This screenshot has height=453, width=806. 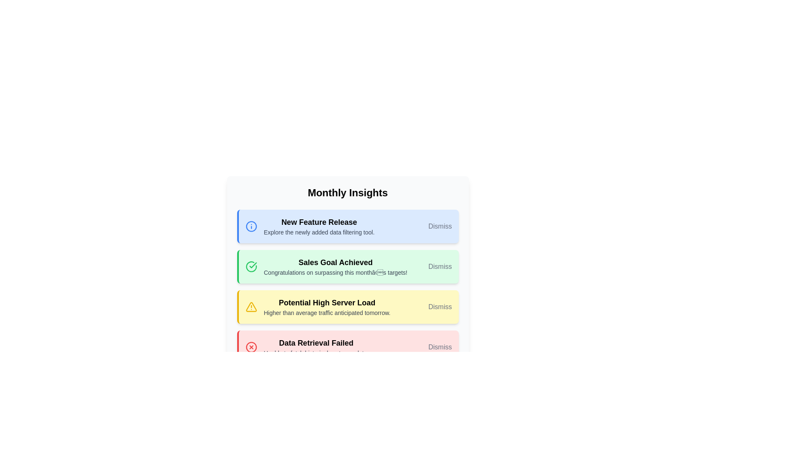 I want to click on text block displaying 'Data Retrieval Failed' and 'Unable to fetch historical customer data.' which is located at the bottom section of the insights list with a light red background, so click(x=316, y=347).